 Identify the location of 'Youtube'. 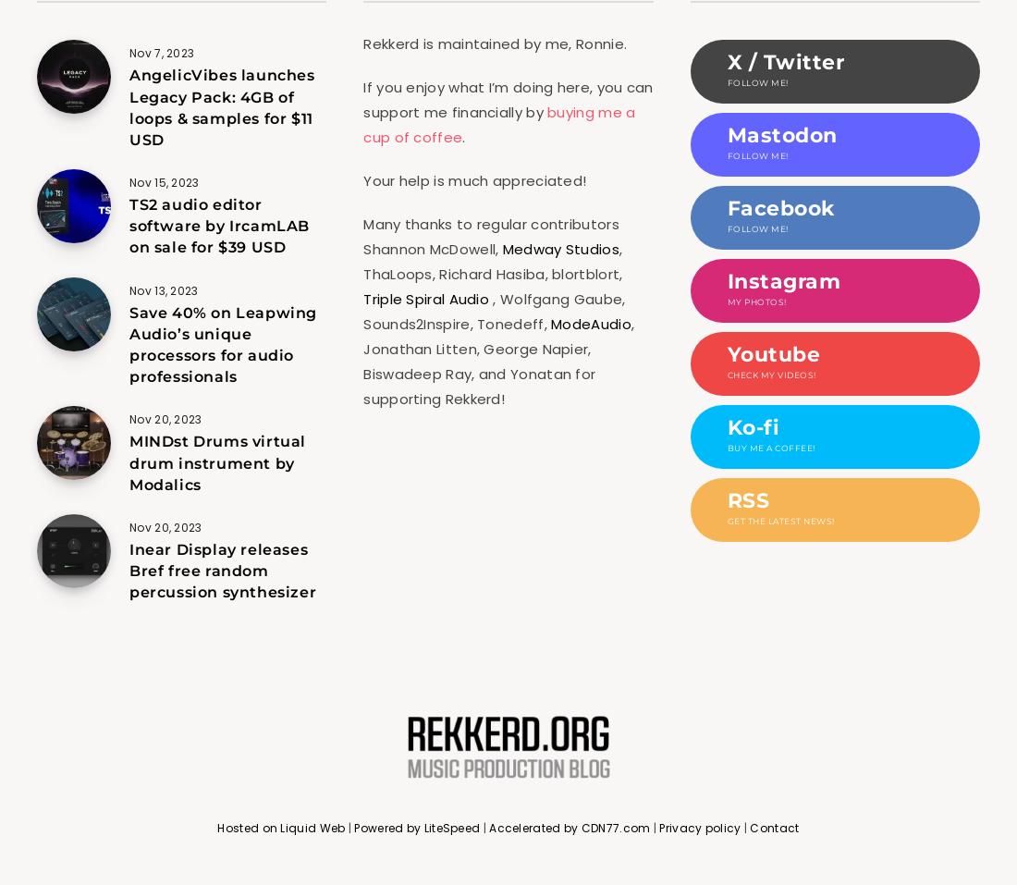
(772, 354).